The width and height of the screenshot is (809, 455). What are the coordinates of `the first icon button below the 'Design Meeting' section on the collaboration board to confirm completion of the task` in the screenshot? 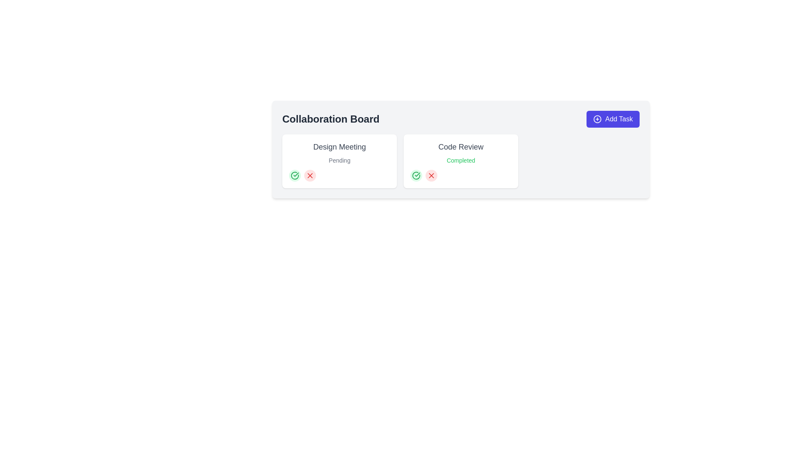 It's located at (295, 175).